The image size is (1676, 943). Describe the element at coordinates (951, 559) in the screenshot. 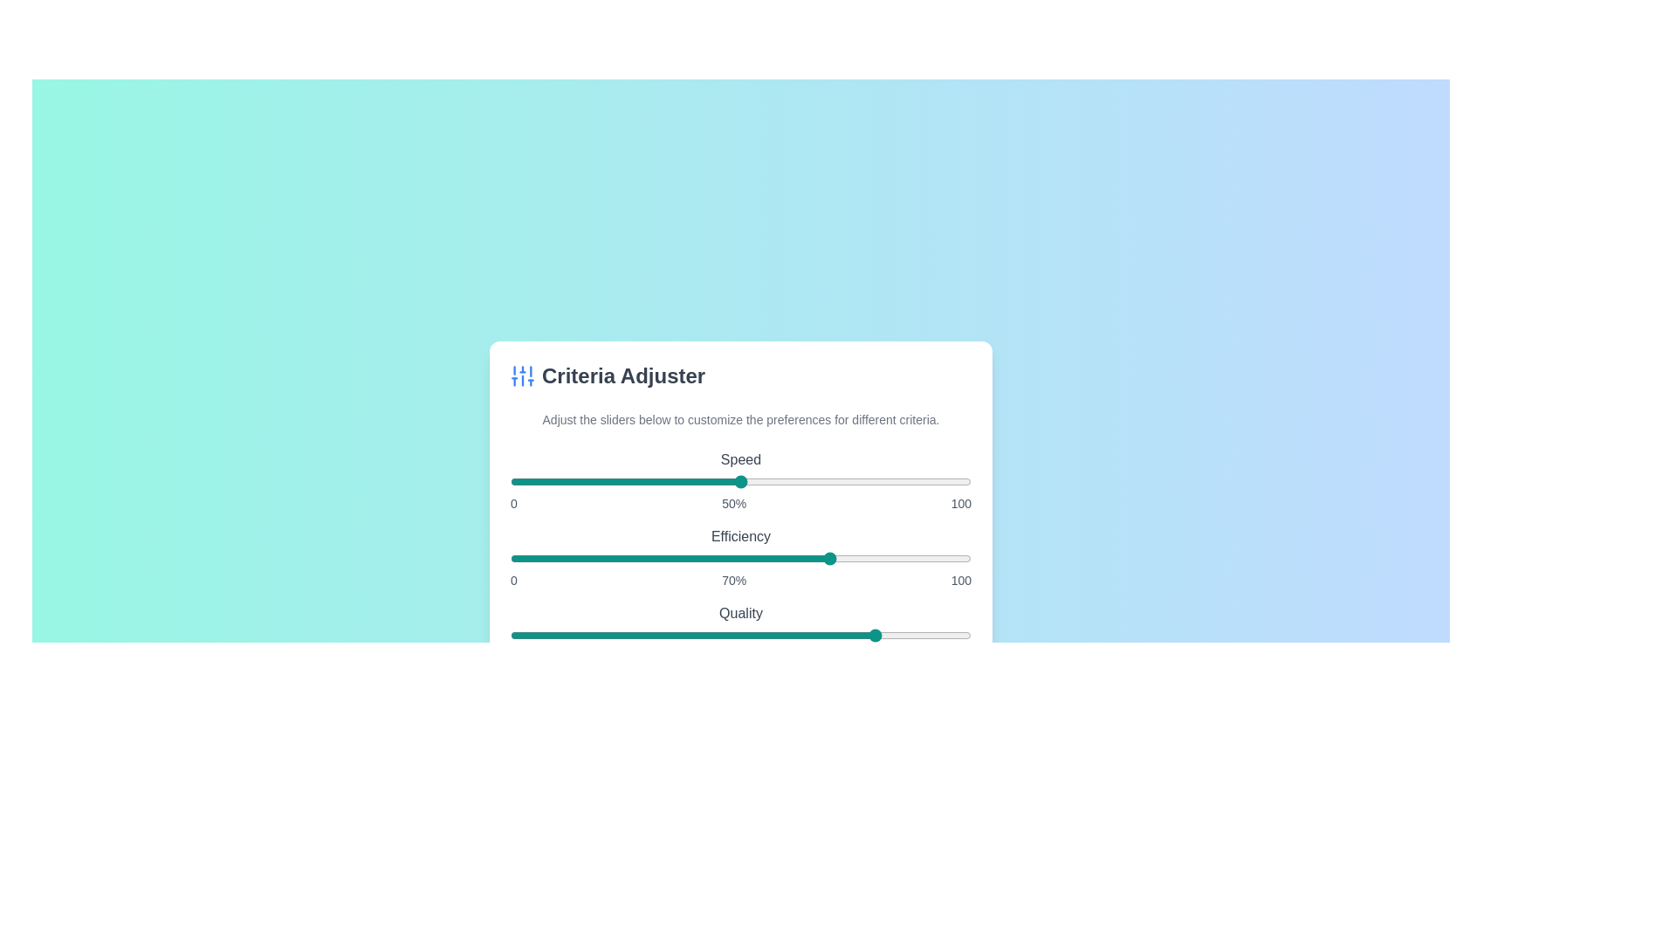

I see `the Efficiency slider to 96%` at that location.